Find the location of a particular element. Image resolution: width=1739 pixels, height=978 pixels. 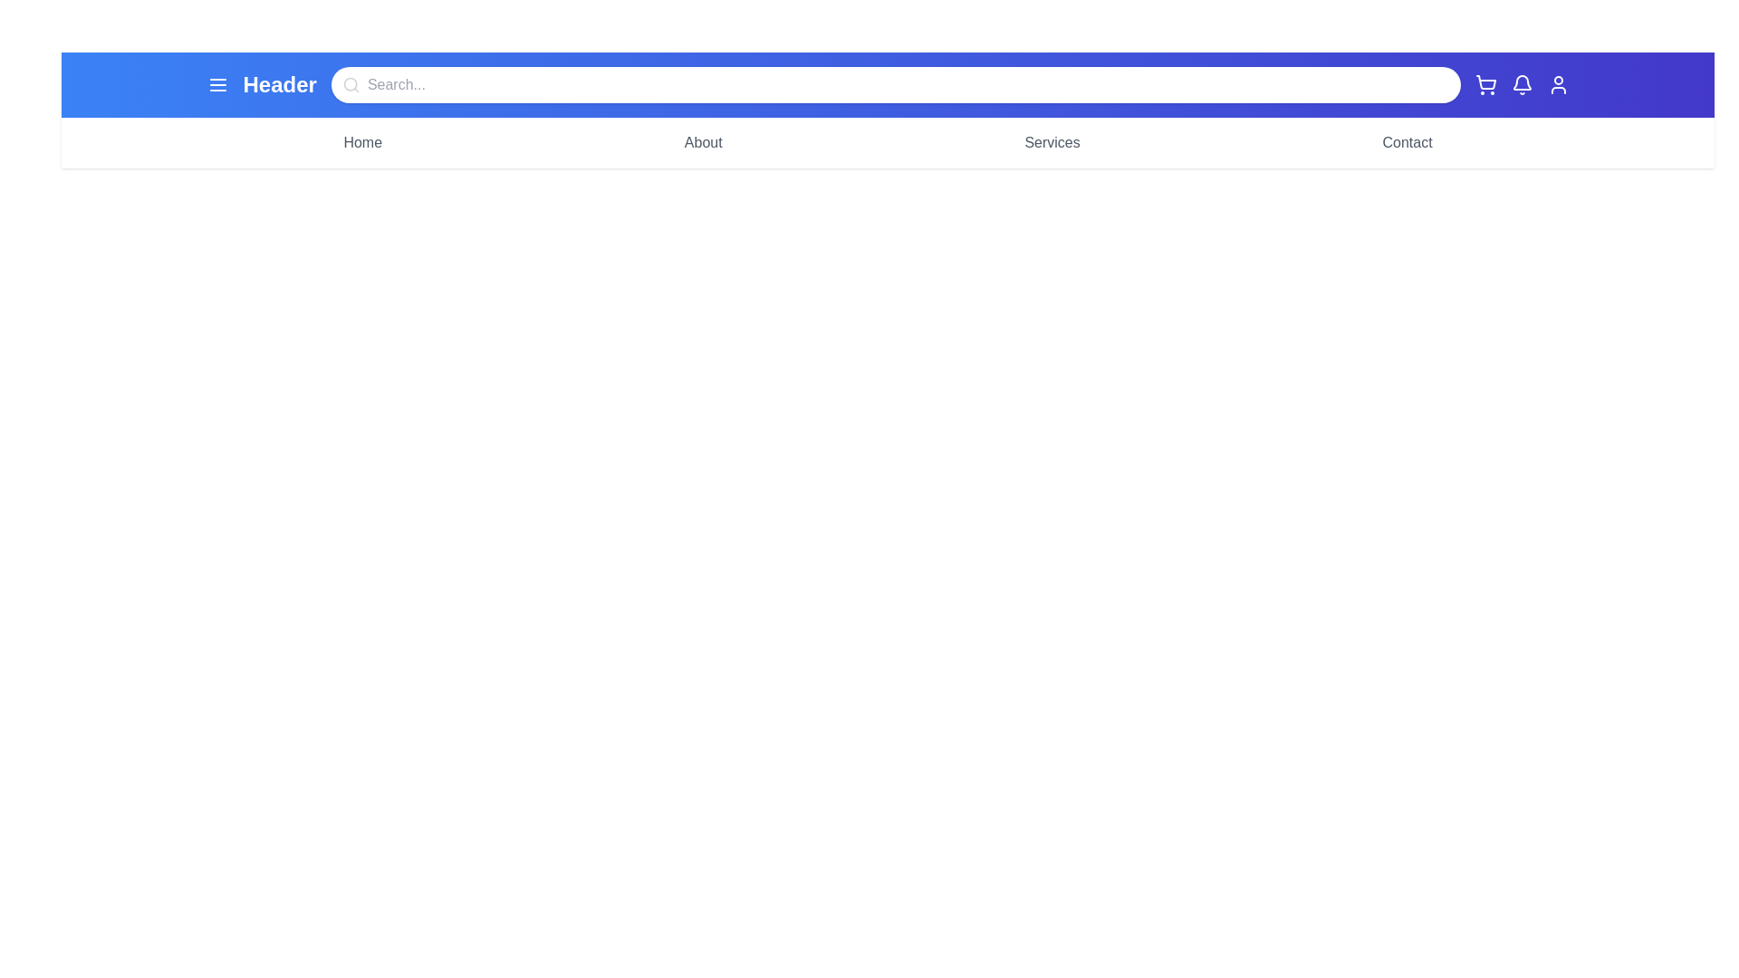

the menu item Contact from the menu bar is located at coordinates (1407, 142).